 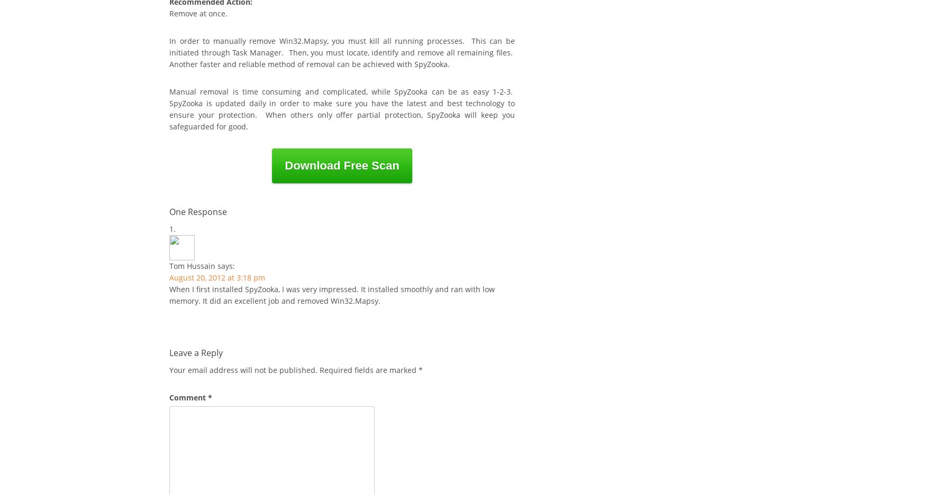 I want to click on 'When I first installed SpyZooka, I was very impressed. It installed smoothly and ran with low memory. It did an excellent job and removed Win32.Mapsy.', so click(x=332, y=295).